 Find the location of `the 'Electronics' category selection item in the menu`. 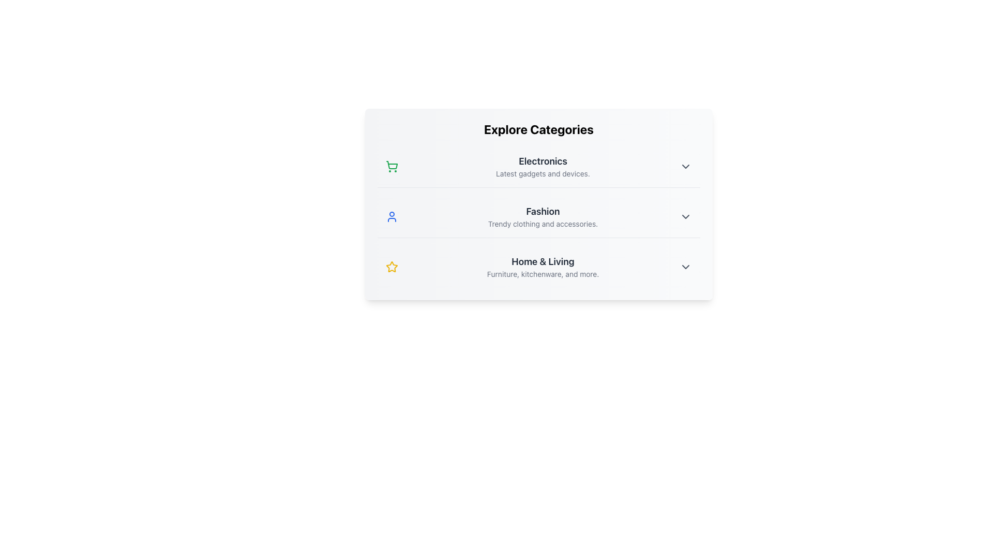

the 'Electronics' category selection item in the menu is located at coordinates (538, 166).